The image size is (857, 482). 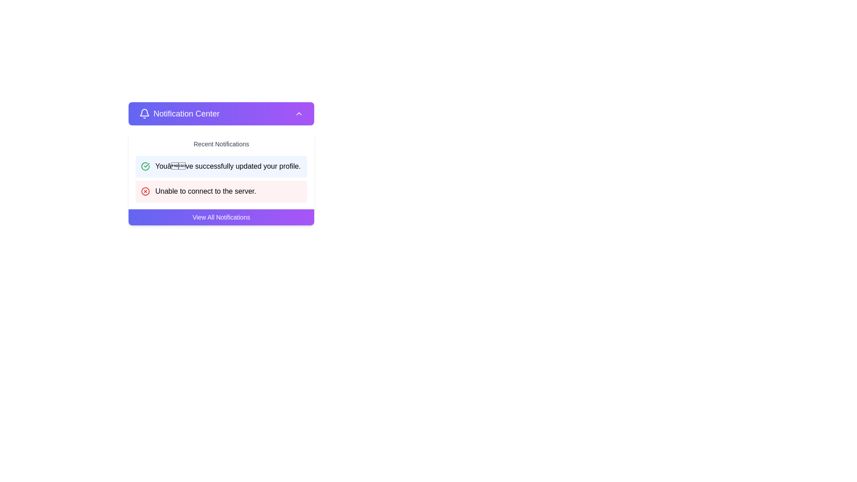 What do you see at coordinates (228, 166) in the screenshot?
I see `the text label that displays 'You've successfully updated your profile.' within the notification area under 'Recent Notifications.'` at bounding box center [228, 166].